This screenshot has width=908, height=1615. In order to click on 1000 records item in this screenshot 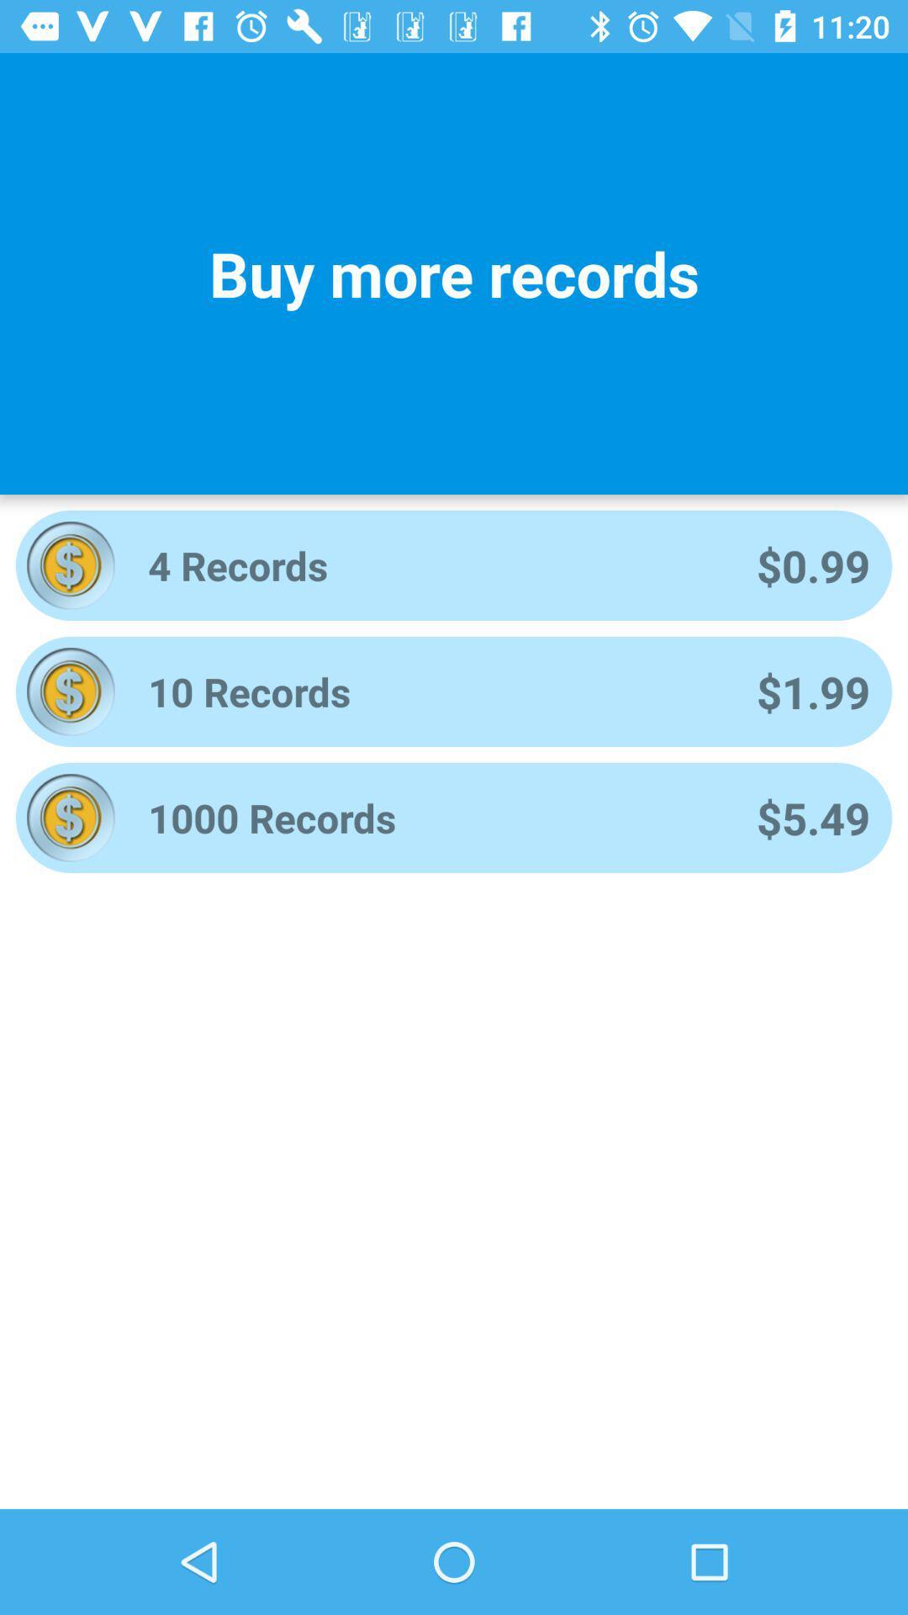, I will do `click(429, 818)`.